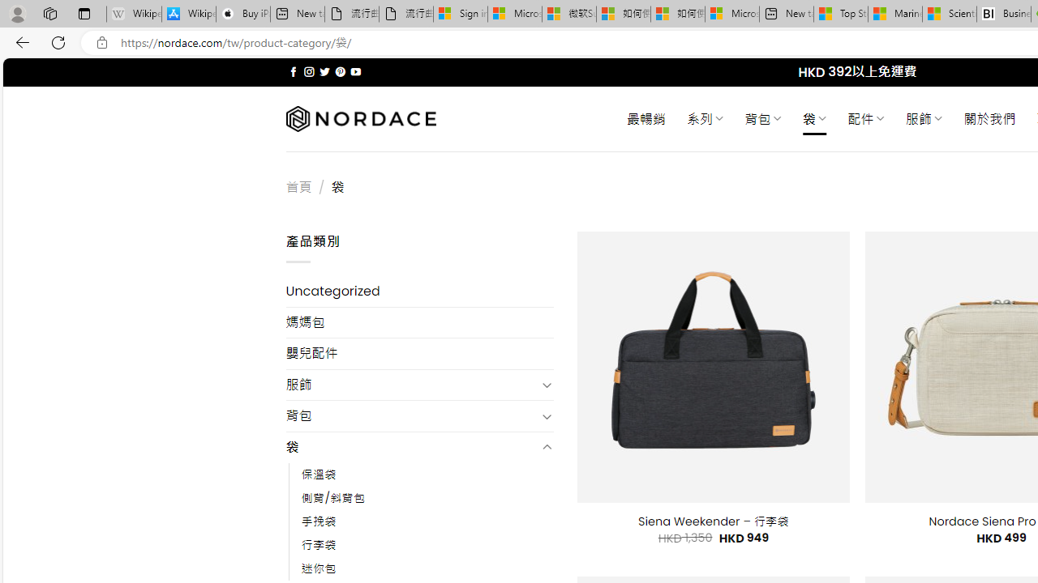 The height and width of the screenshot is (583, 1038). What do you see at coordinates (894, 14) in the screenshot?
I see `'Marine life - MSN'` at bounding box center [894, 14].